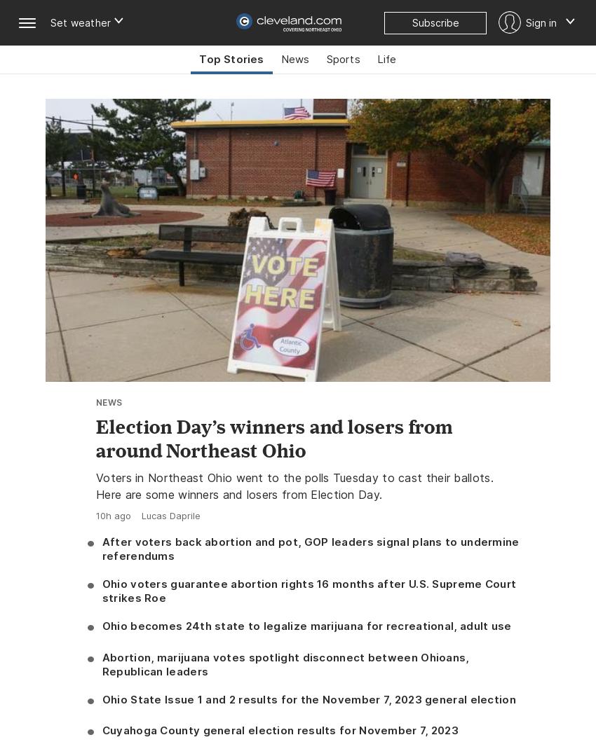  Describe the element at coordinates (280, 730) in the screenshot. I see `'Cuyahoga County general election results for November 7, 2023'` at that location.